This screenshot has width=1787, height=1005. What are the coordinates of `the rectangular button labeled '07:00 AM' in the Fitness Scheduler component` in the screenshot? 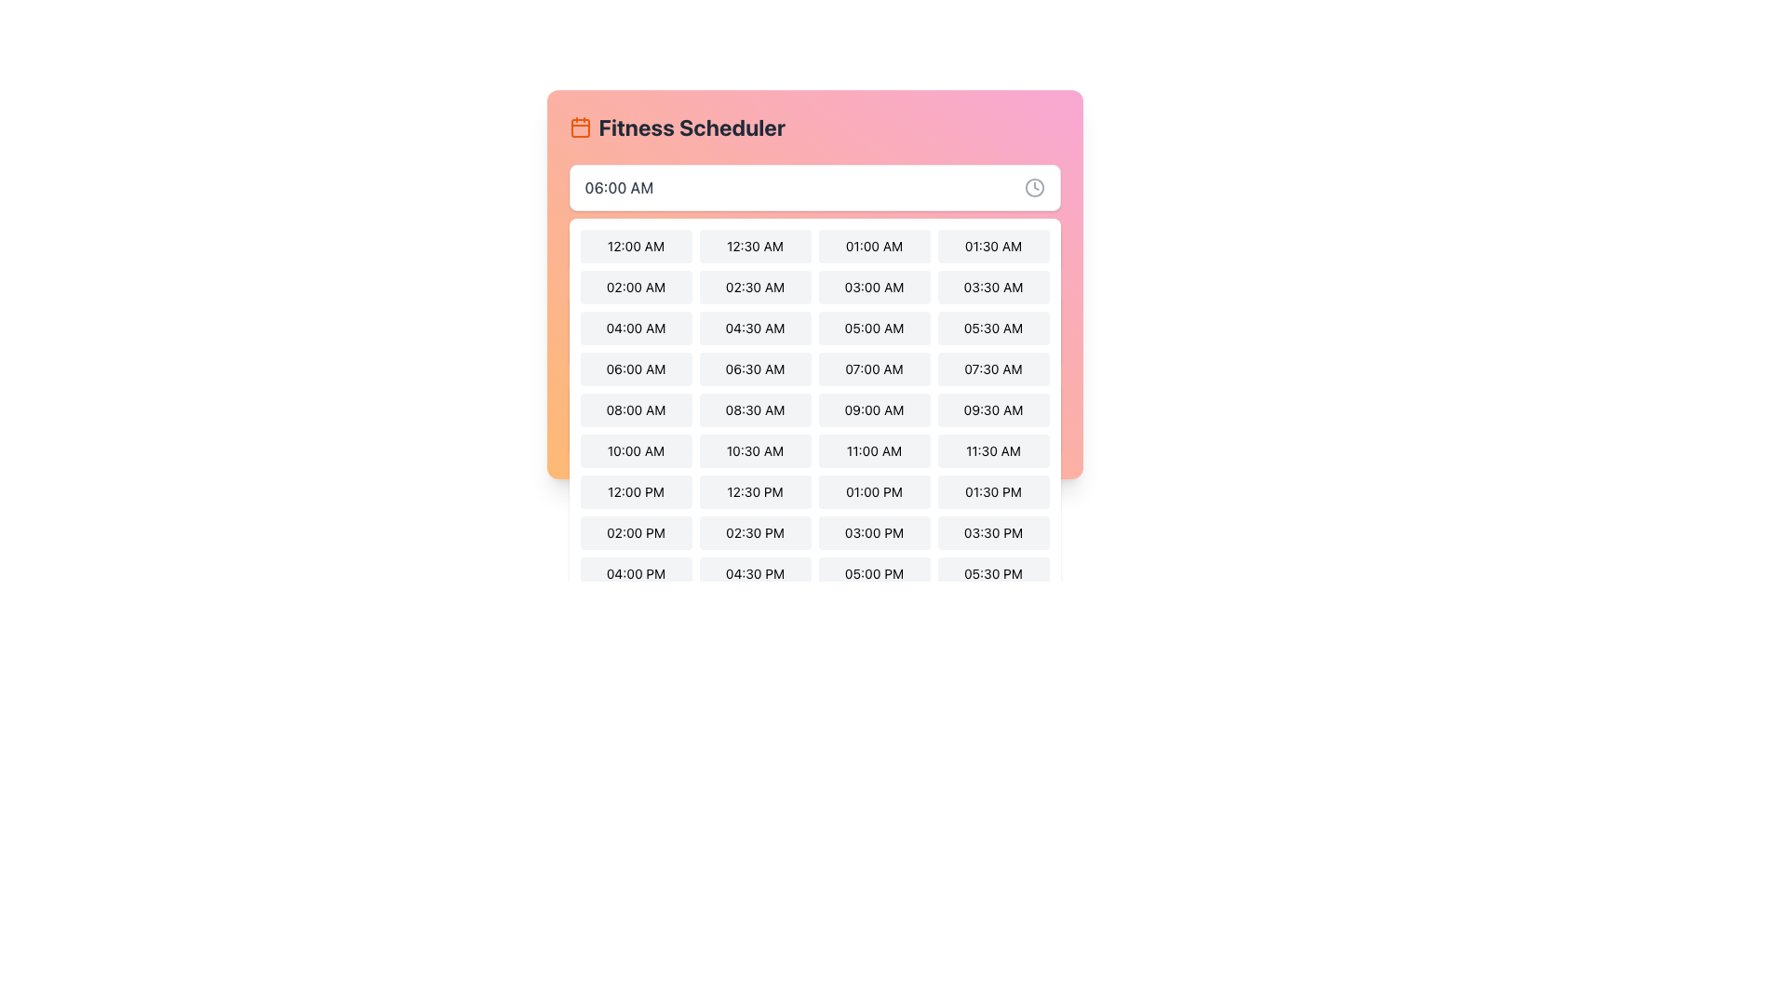 It's located at (873, 369).